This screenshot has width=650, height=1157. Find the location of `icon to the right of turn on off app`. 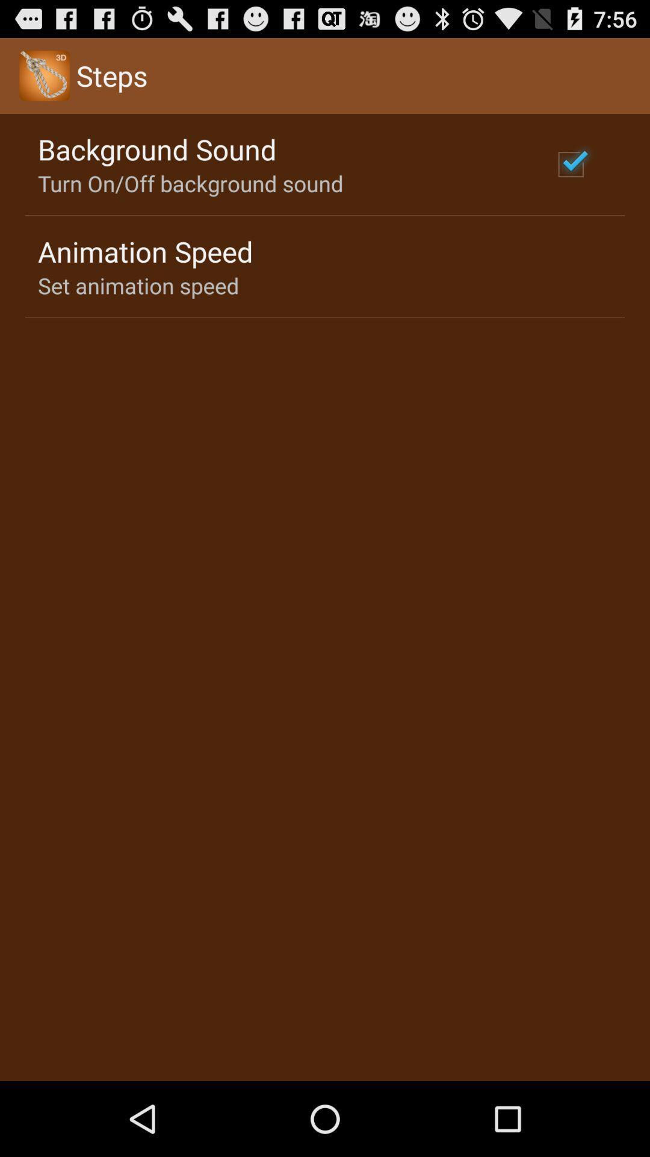

icon to the right of turn on off app is located at coordinates (570, 164).